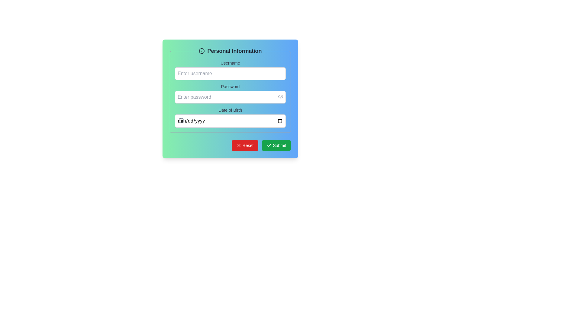 The height and width of the screenshot is (326, 580). I want to click on the external outline of the eye icon, which is part of the password visibility toggle feature, located to the right of the 'Password' text field, so click(280, 96).